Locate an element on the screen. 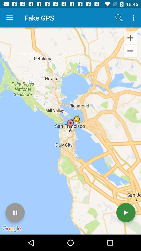 This screenshot has height=251, width=141. icon at the bottom right corner is located at coordinates (126, 213).